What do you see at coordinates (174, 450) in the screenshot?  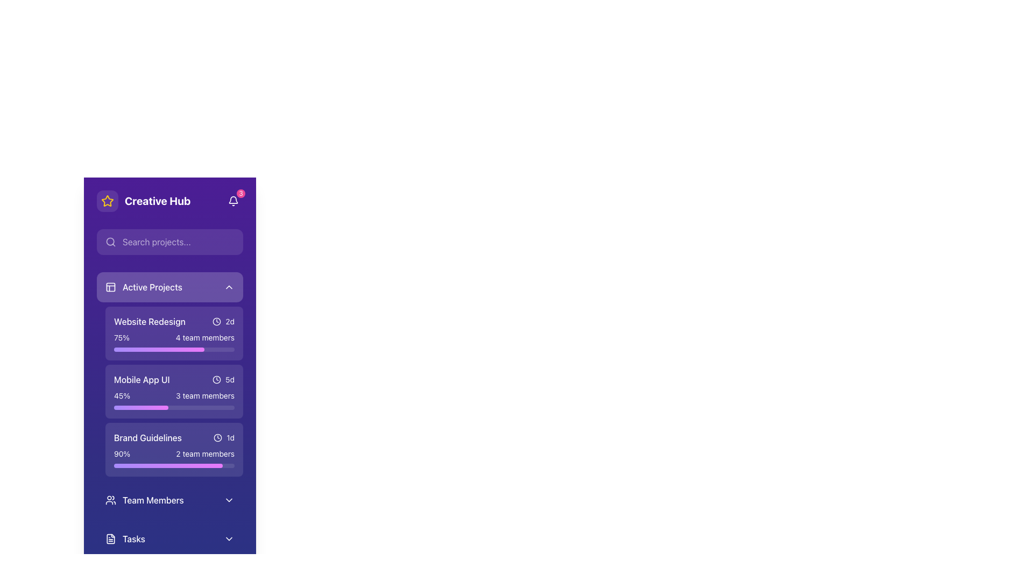 I see `on the 'Brand Guidelines' Informational Card located in the 'Active Projects' section` at bounding box center [174, 450].